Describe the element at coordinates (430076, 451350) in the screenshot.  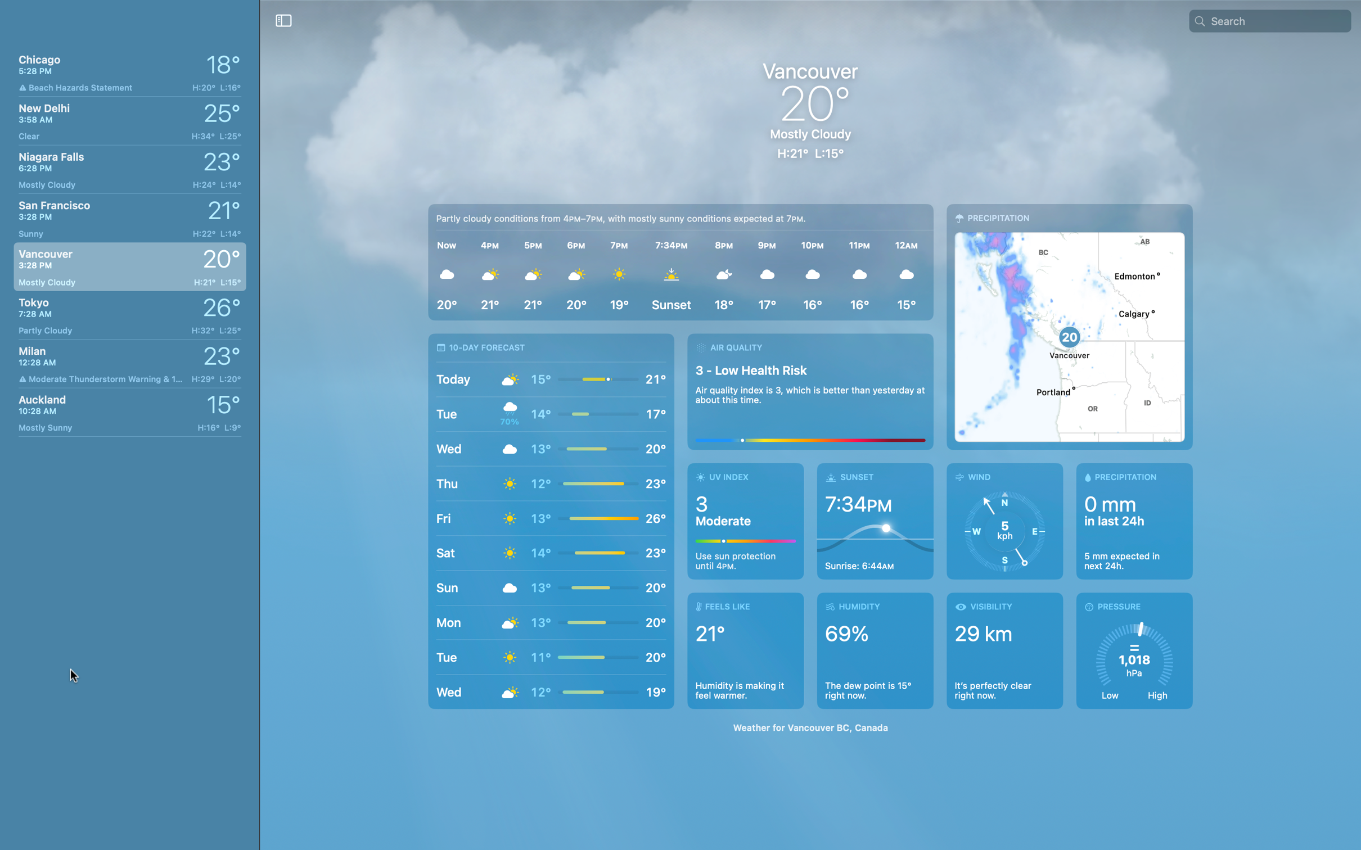
I see `Remove the San Francisco weather details from the left sidebar by using a swiping motion` at that location.